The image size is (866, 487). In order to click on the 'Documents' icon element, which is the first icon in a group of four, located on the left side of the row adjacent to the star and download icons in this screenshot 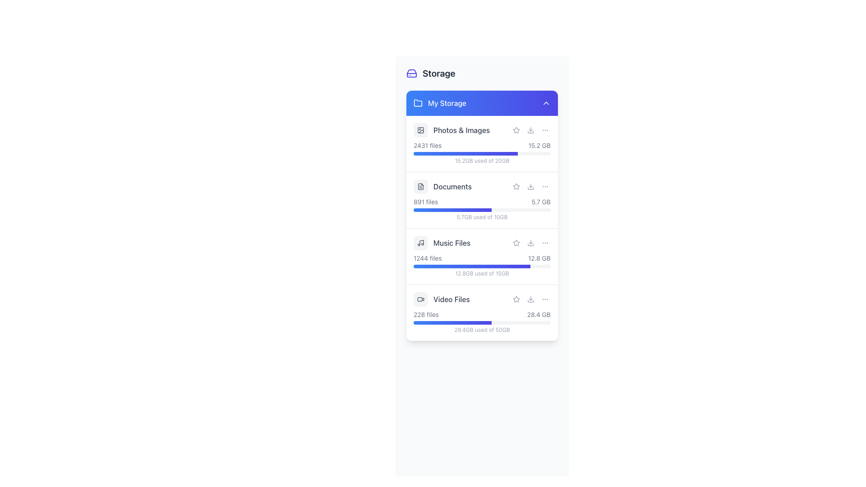, I will do `click(420, 186)`.